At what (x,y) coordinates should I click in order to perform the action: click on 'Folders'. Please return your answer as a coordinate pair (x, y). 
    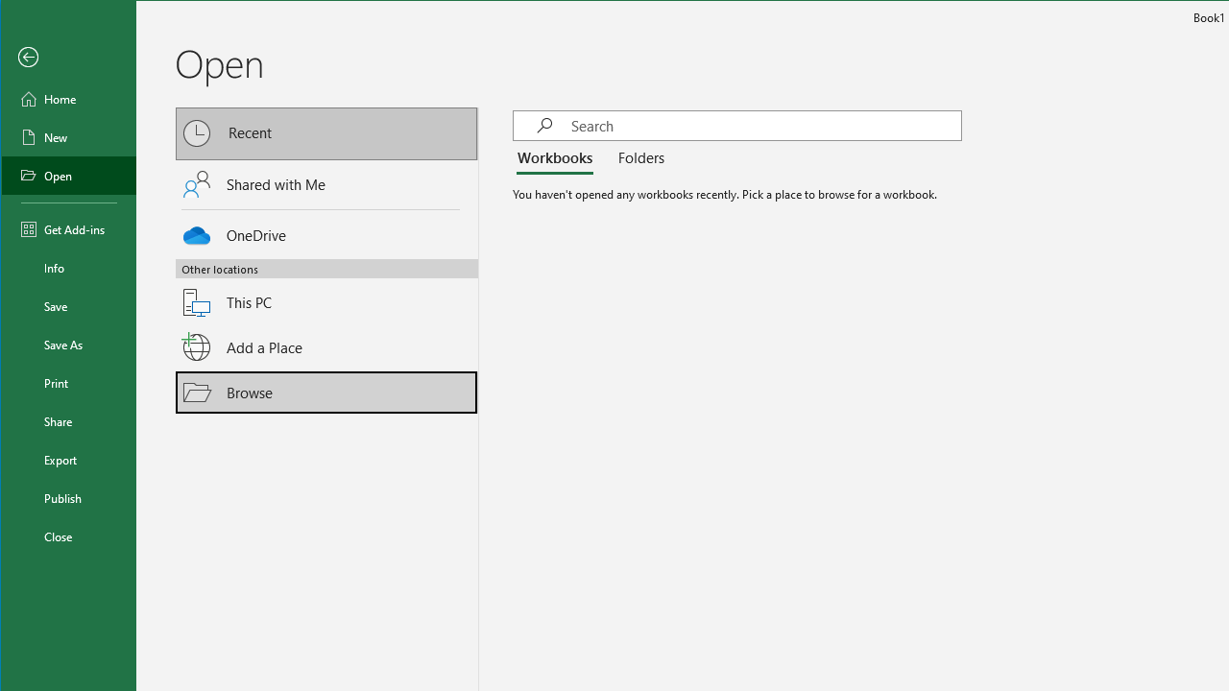
    Looking at the image, I should click on (637, 157).